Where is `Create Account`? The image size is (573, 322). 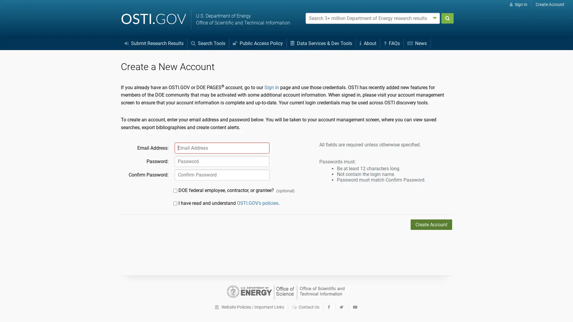
Create Account is located at coordinates (431, 225).